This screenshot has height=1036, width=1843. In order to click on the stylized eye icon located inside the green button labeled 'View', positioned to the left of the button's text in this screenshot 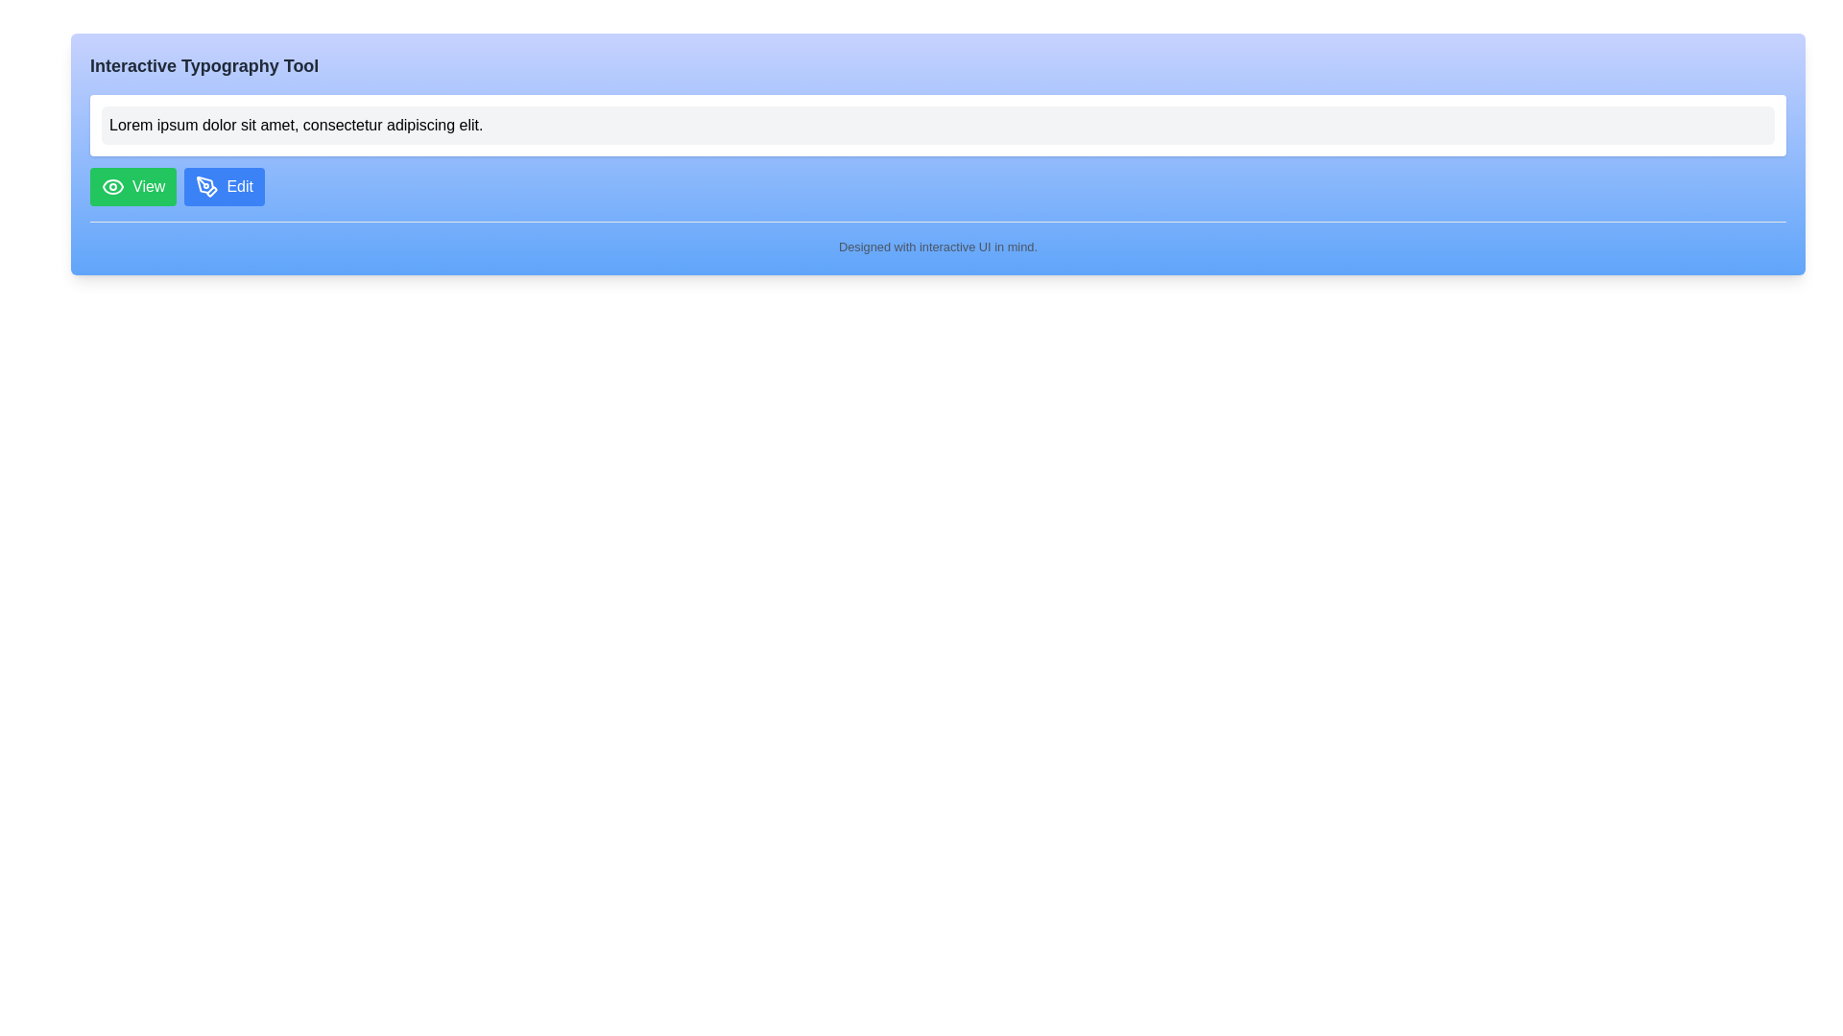, I will do `click(112, 187)`.